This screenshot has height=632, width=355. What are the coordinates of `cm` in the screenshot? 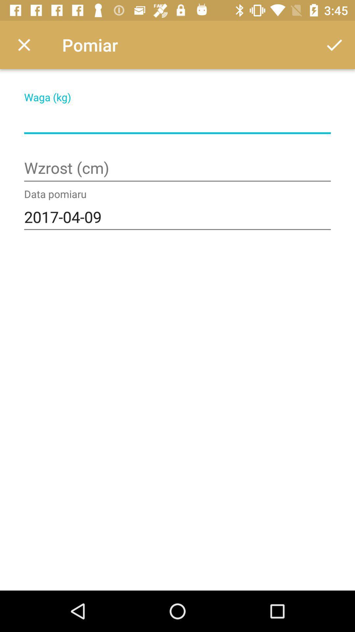 It's located at (177, 169).